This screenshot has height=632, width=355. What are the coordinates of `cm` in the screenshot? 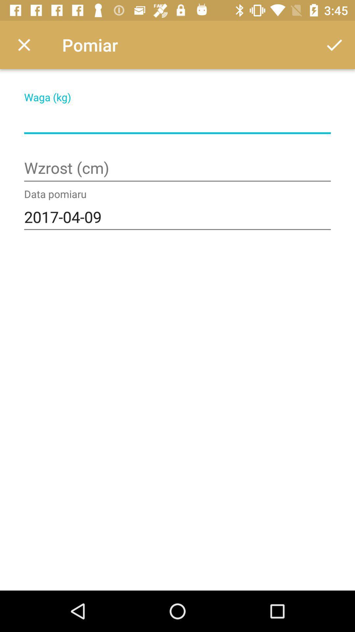 It's located at (177, 169).